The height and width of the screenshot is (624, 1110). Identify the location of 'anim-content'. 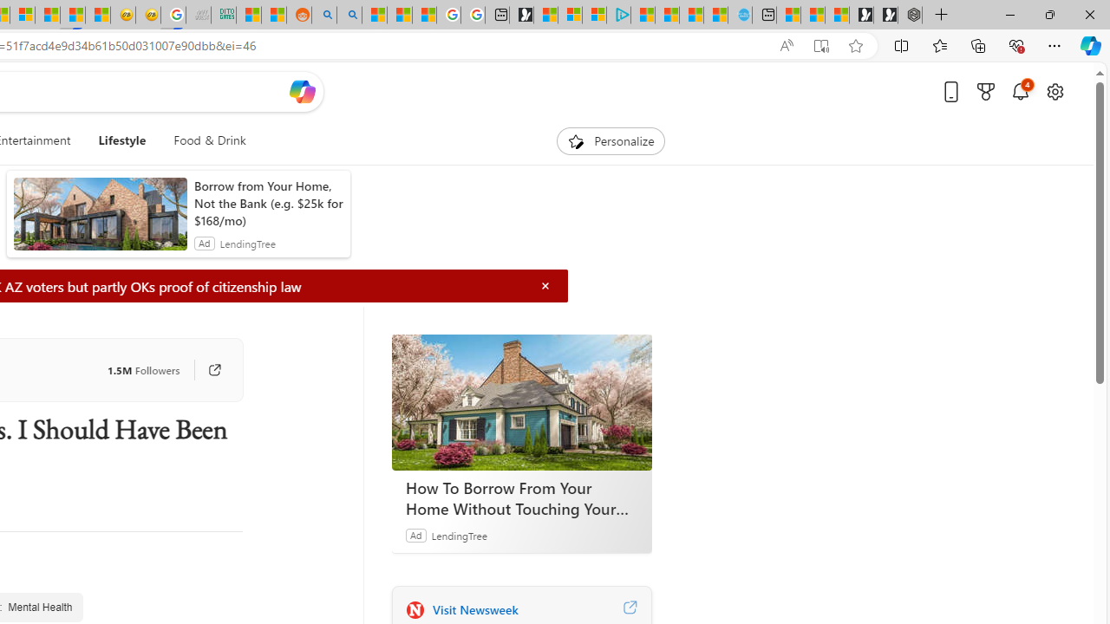
(99, 220).